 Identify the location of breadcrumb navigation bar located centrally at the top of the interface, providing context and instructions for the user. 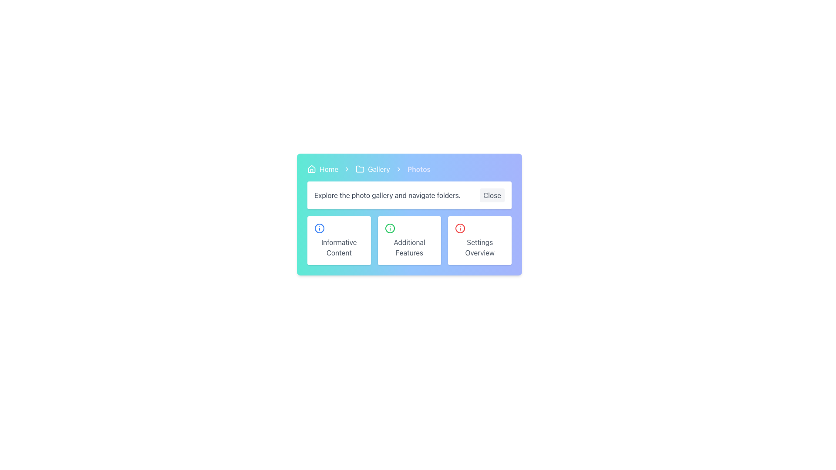
(409, 186).